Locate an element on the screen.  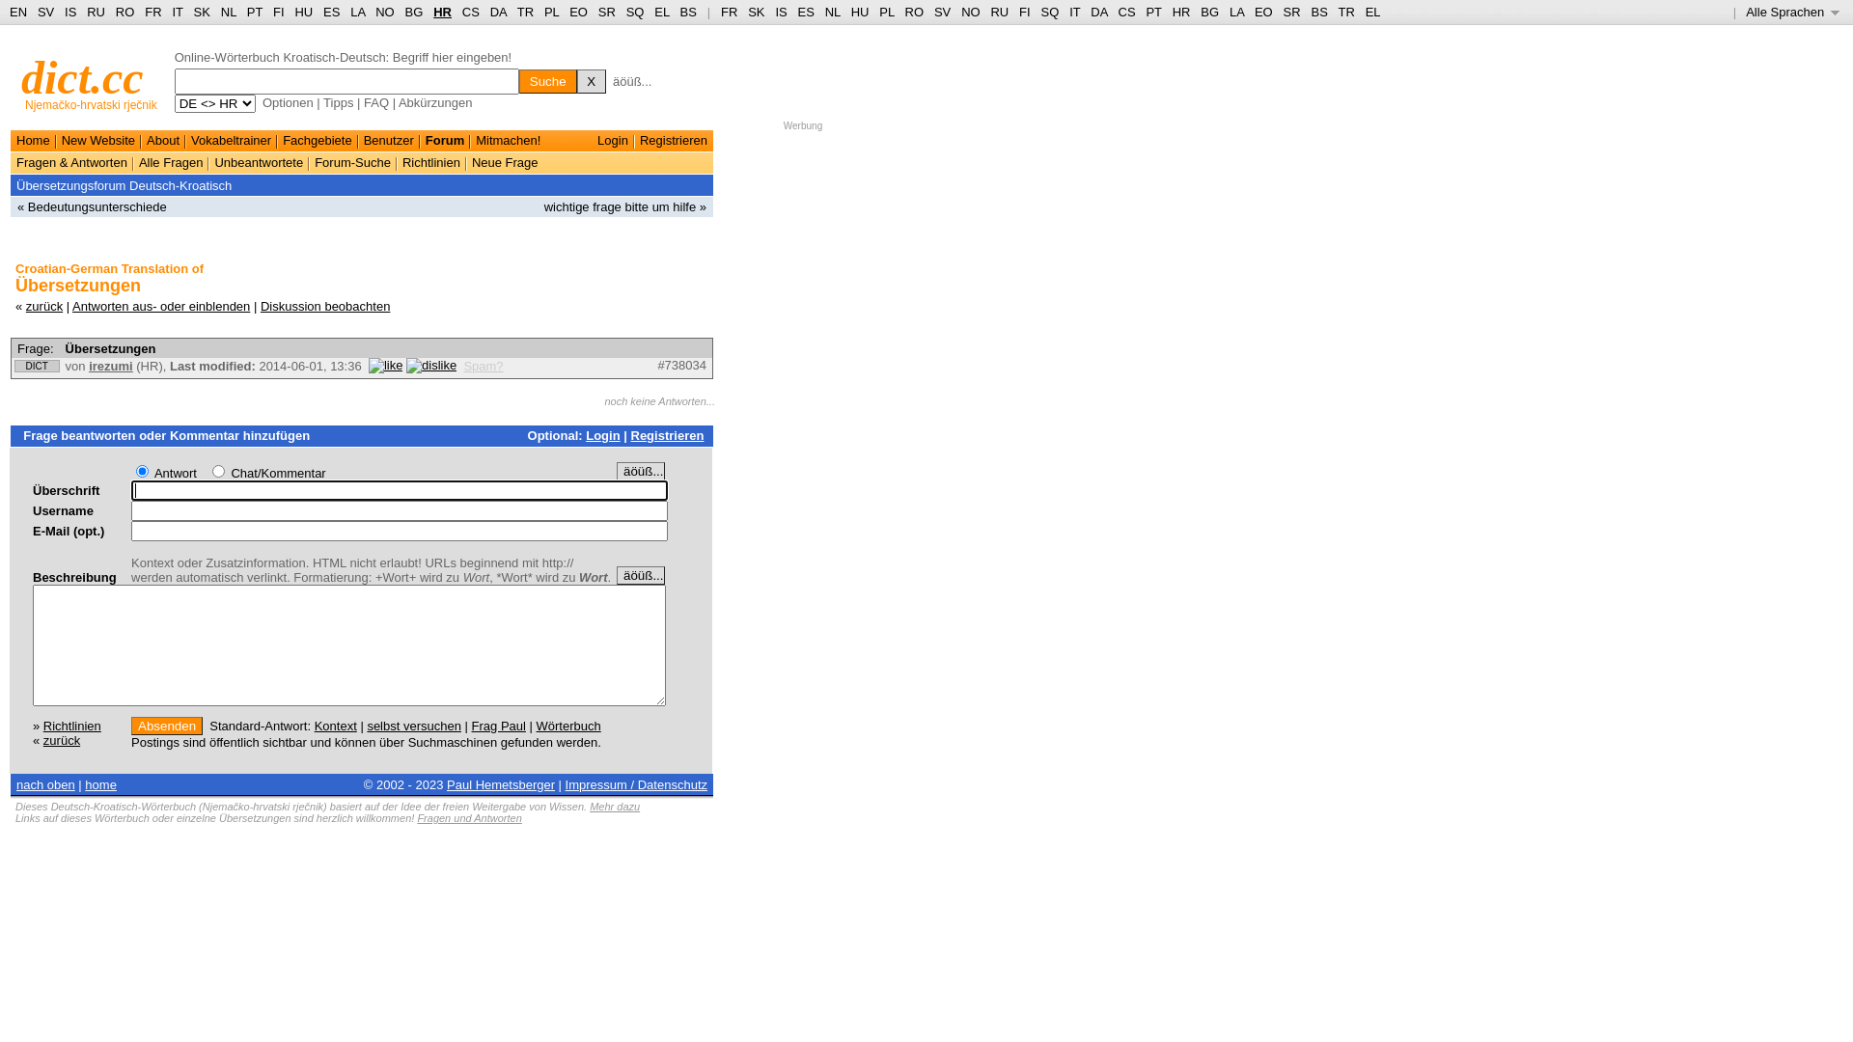
'Fragen und Antworten' is located at coordinates (468, 818).